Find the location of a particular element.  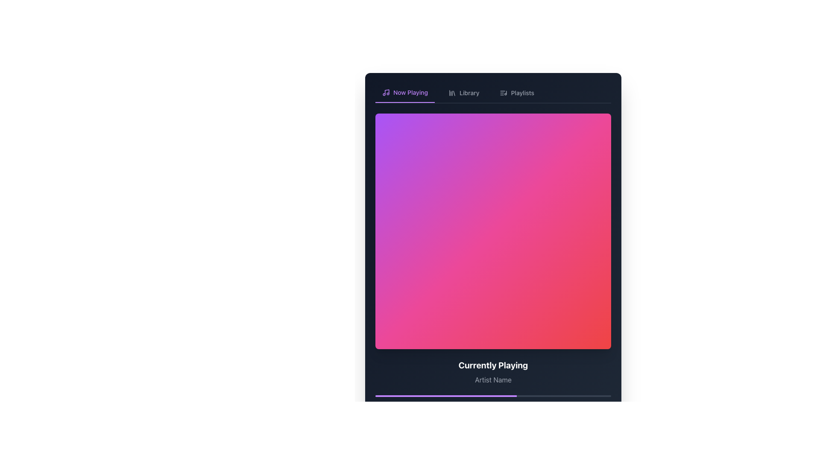

the Text label displaying '2:14 3:45', which is styled in a small, gray font and located beneath the progress bar in the 'Currently Playing' section is located at coordinates (493, 404).